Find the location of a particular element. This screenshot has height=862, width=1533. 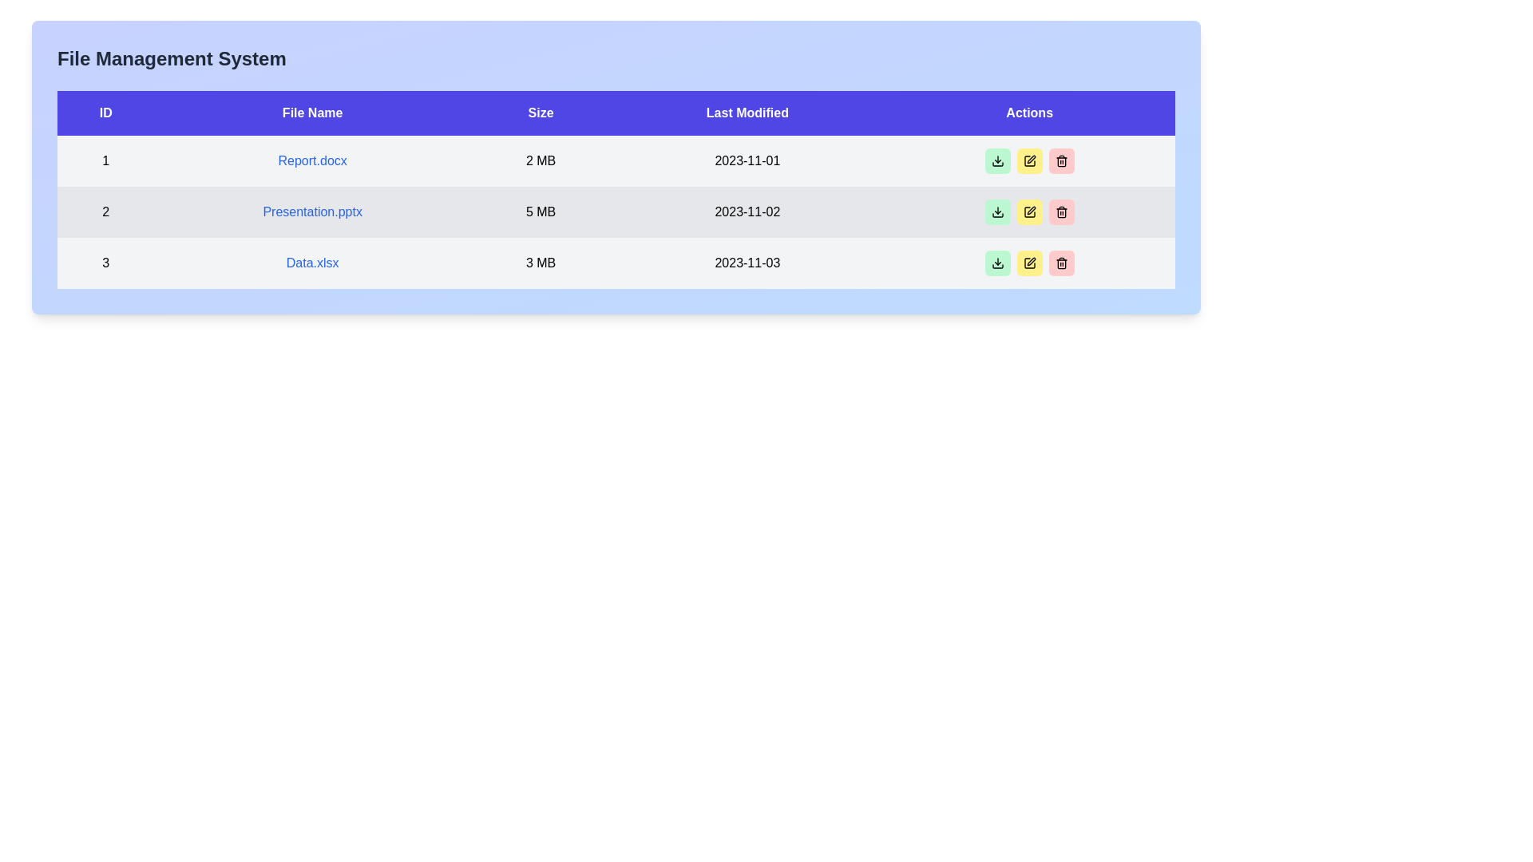

the static text element displaying '2023-11-02' located in the fourth cell of the second row in the table's 'Last Modified' column is located at coordinates (747, 212).